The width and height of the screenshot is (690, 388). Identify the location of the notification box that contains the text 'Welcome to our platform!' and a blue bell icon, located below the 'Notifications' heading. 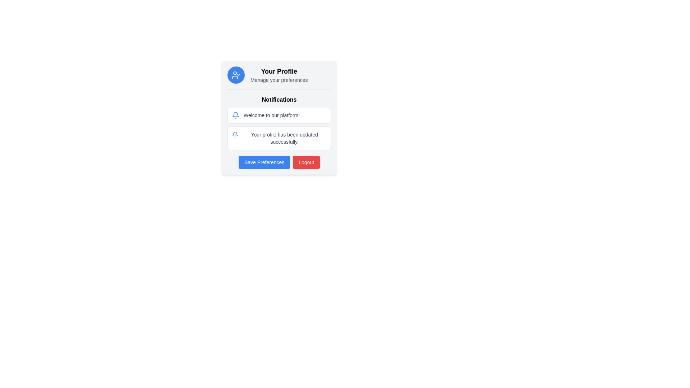
(279, 117).